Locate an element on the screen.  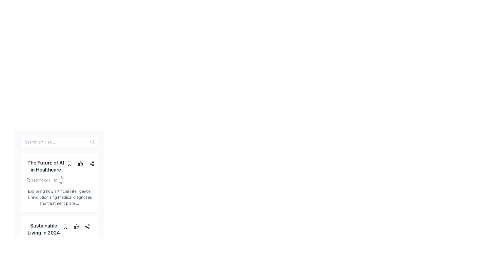
the Article summary card, which provides a summary including title, tags, estimated reading time, and description, located below the search bar and above the 'Sustainable Living in 2024' card is located at coordinates (59, 183).